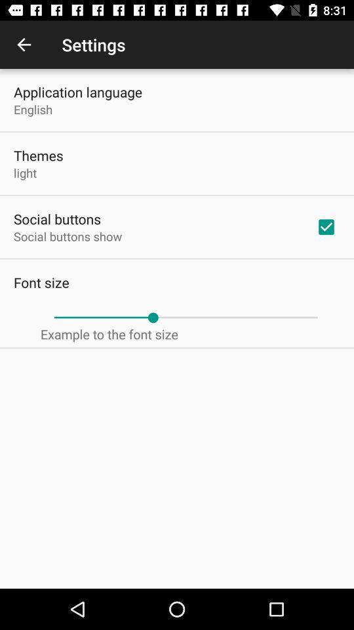  Describe the element at coordinates (24, 45) in the screenshot. I see `app to the left of settings` at that location.